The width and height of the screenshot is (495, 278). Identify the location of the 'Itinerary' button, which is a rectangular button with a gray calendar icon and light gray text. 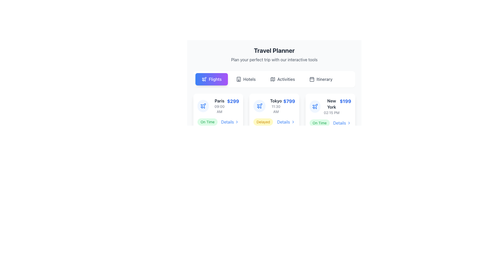
(320, 79).